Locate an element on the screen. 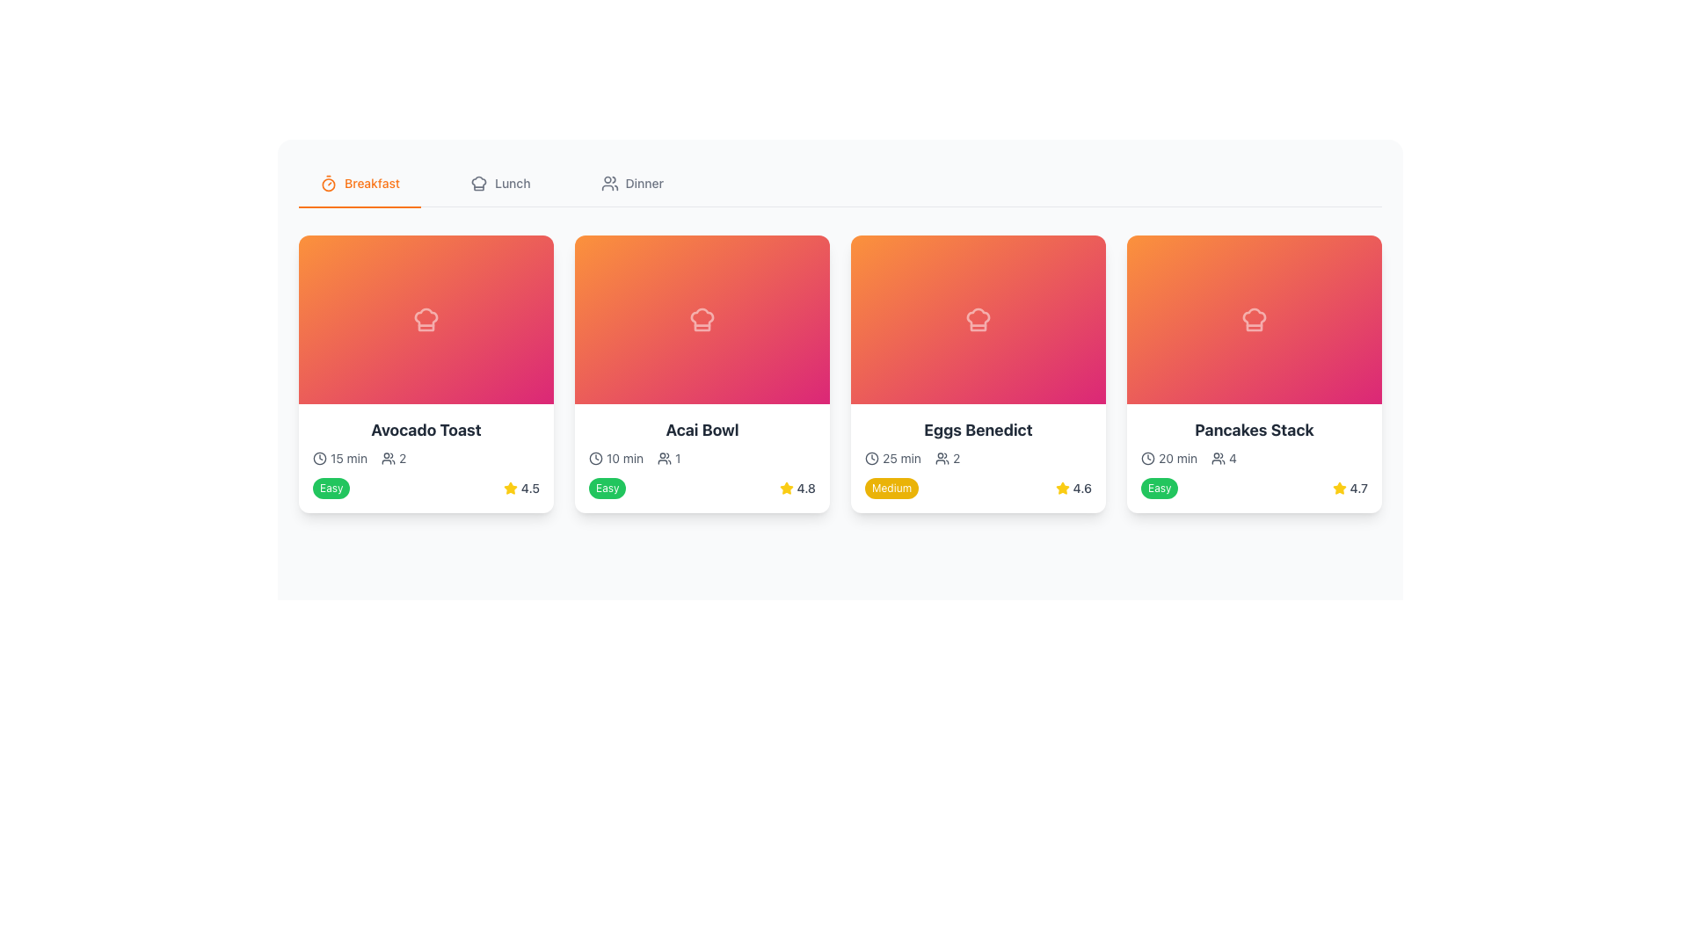 The height and width of the screenshot is (949, 1688). the text label displaying the rating value '4.7' located to the right of the yellow star icon in the bottom-right corner of the 'Pancakes Stack' meal card is located at coordinates (1357, 488).